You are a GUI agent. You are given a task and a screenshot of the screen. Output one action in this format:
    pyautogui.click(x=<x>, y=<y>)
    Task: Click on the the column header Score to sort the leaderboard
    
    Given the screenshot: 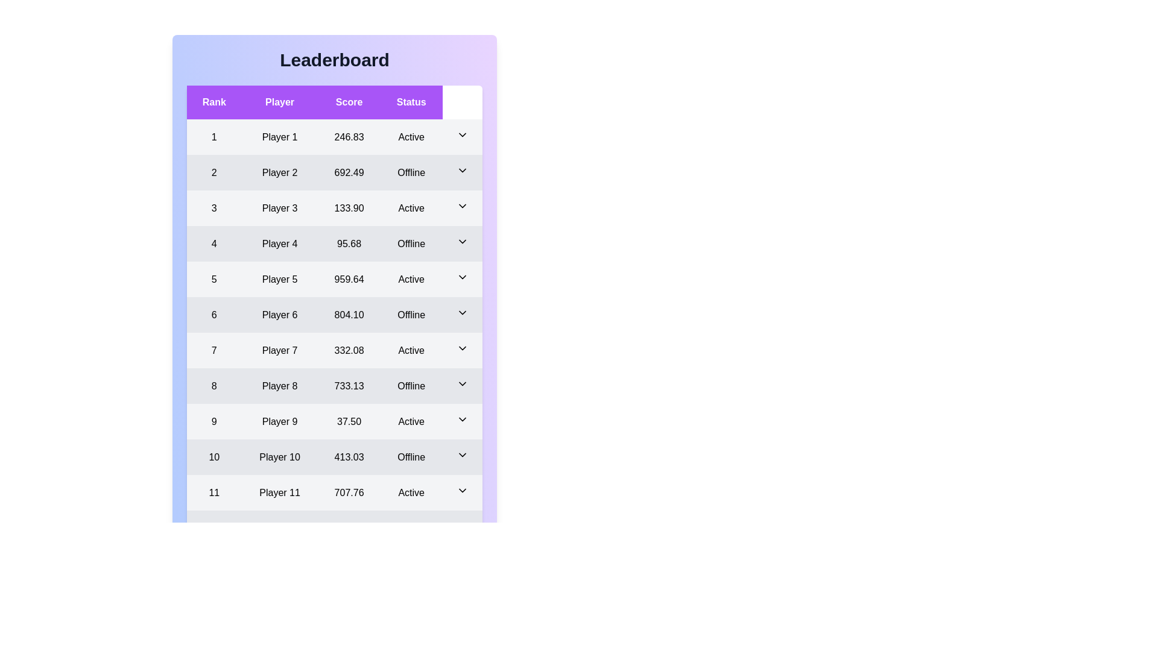 What is the action you would take?
    pyautogui.click(x=349, y=101)
    